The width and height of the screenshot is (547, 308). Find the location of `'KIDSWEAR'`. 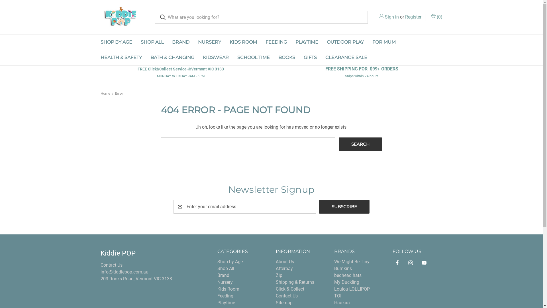

'KIDSWEAR' is located at coordinates (198, 57).